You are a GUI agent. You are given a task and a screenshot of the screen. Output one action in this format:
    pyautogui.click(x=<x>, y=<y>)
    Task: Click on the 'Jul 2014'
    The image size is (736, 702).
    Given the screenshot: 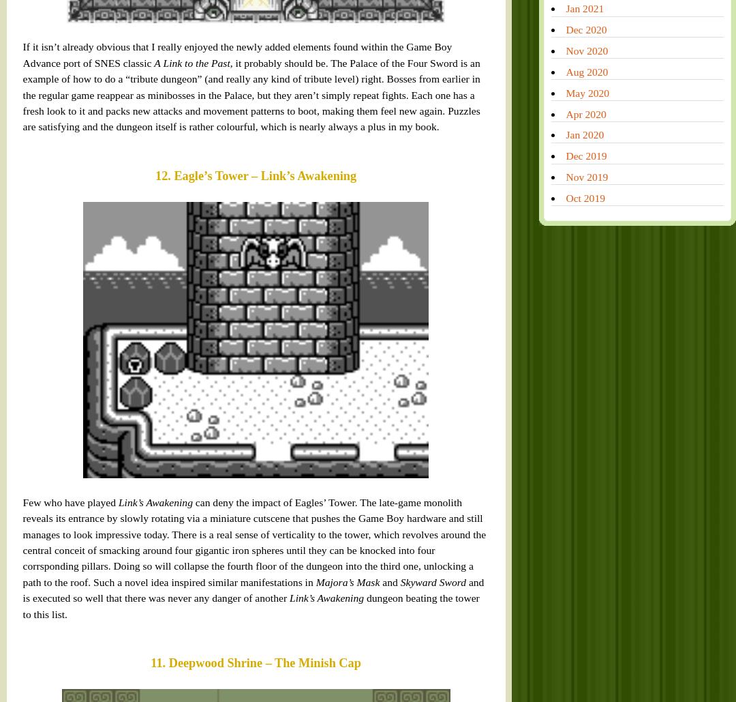 What is the action you would take?
    pyautogui.click(x=485, y=673)
    